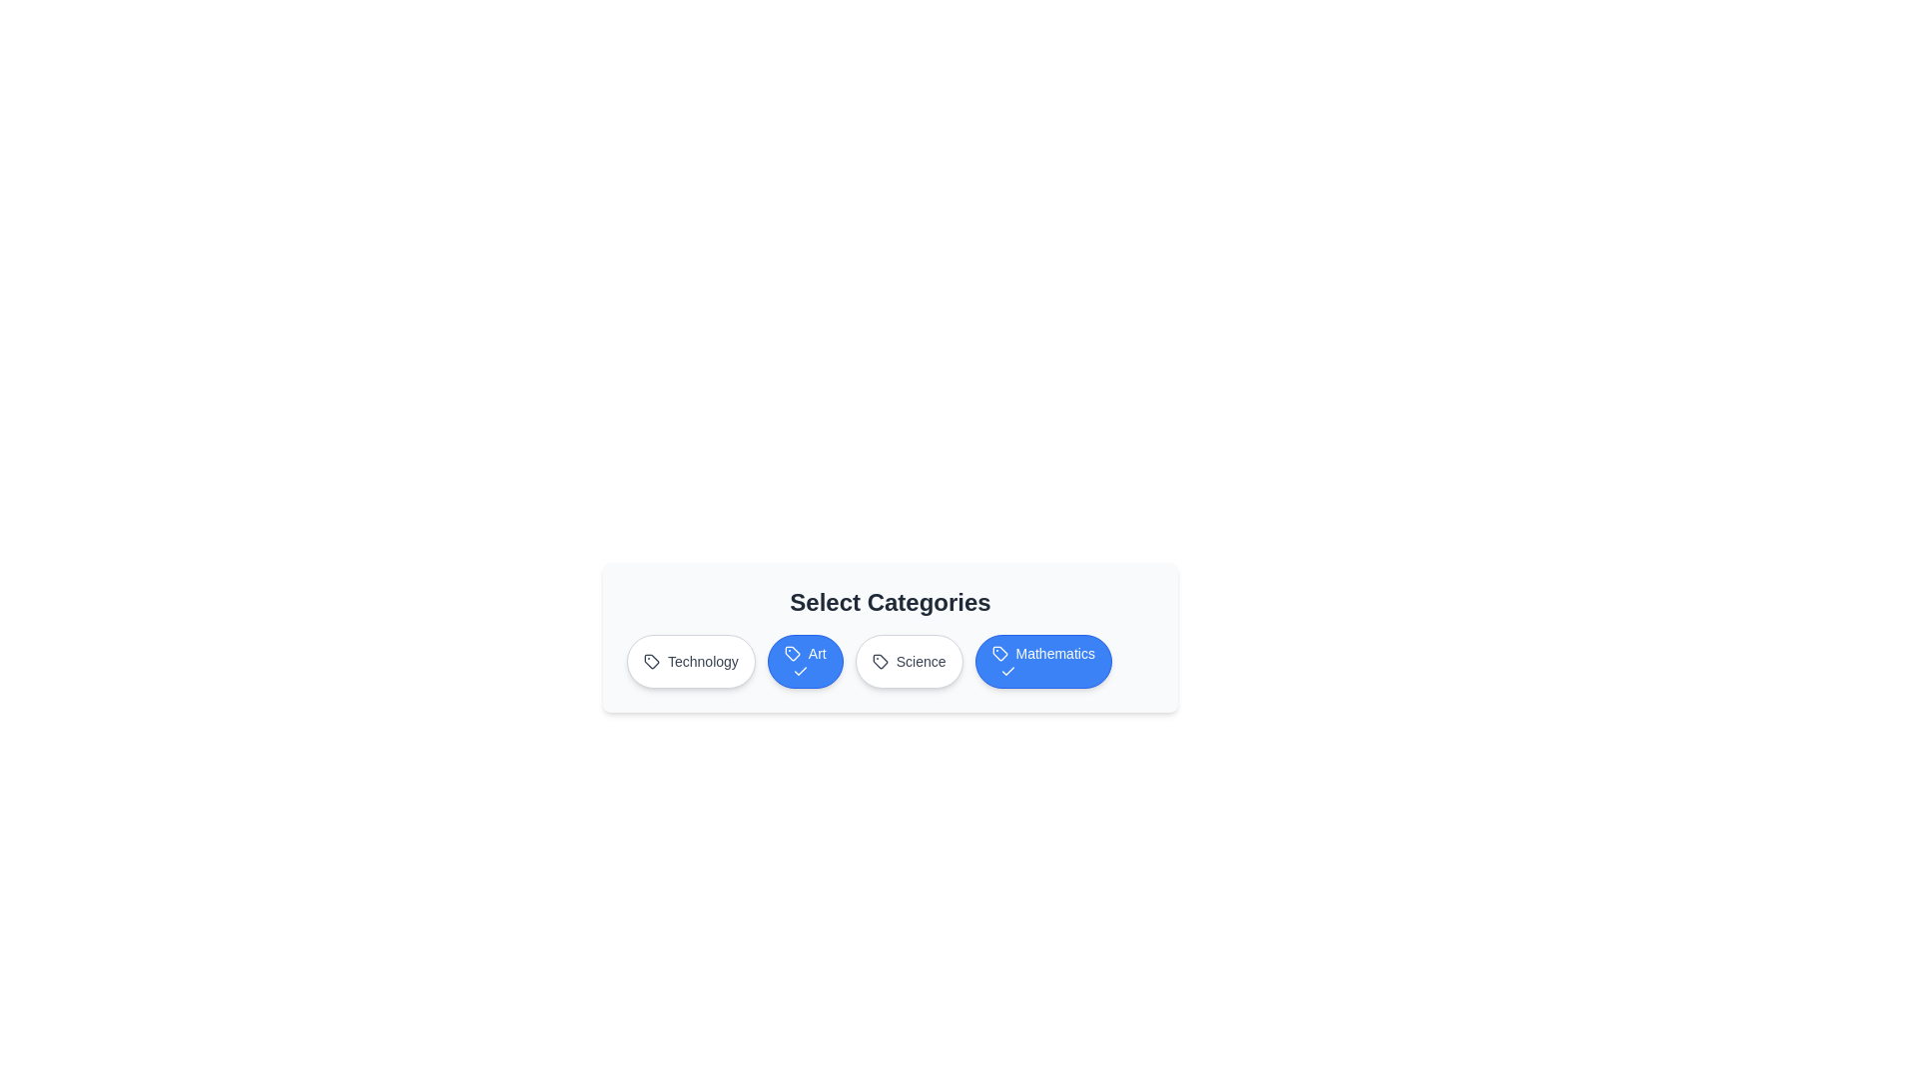 The image size is (1917, 1078). I want to click on the category button labeled 'Science', so click(909, 662).